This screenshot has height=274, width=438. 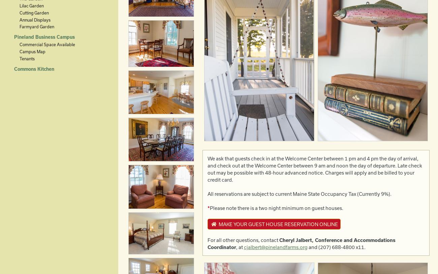 What do you see at coordinates (32, 51) in the screenshot?
I see `'Campus Map'` at bounding box center [32, 51].